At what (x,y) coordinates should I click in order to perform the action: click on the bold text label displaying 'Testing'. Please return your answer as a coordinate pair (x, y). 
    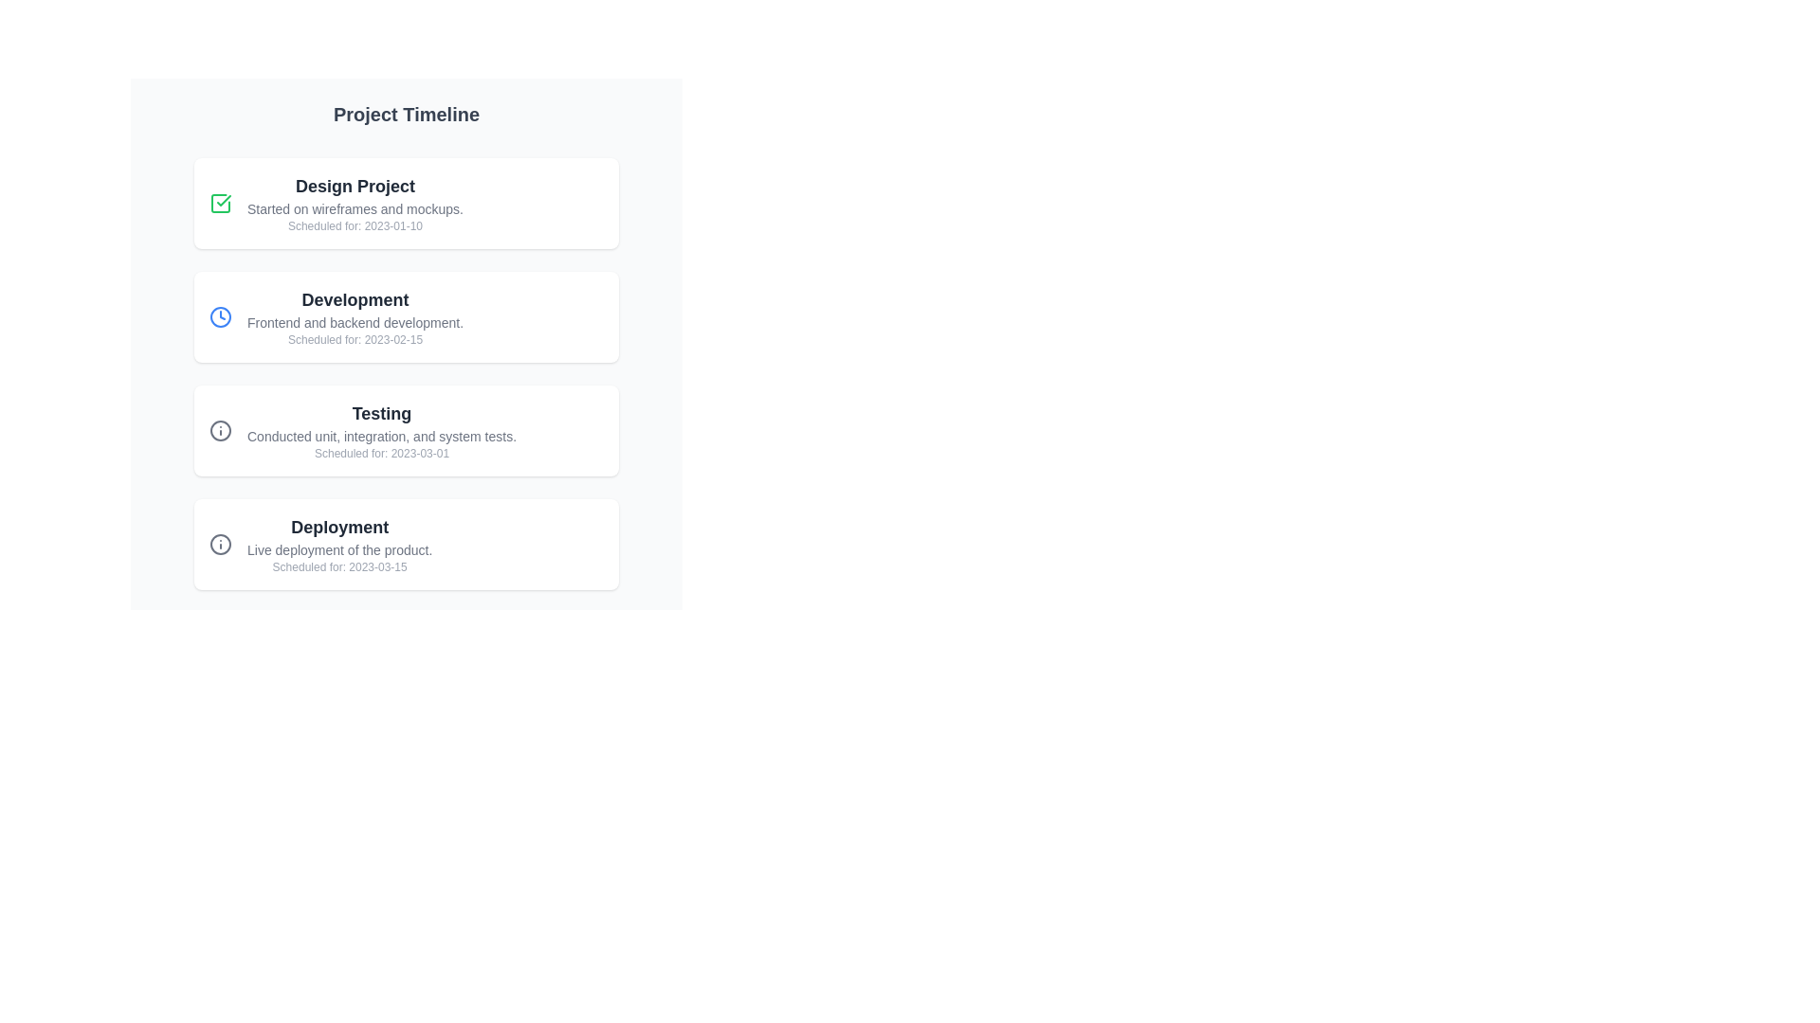
    Looking at the image, I should click on (381, 412).